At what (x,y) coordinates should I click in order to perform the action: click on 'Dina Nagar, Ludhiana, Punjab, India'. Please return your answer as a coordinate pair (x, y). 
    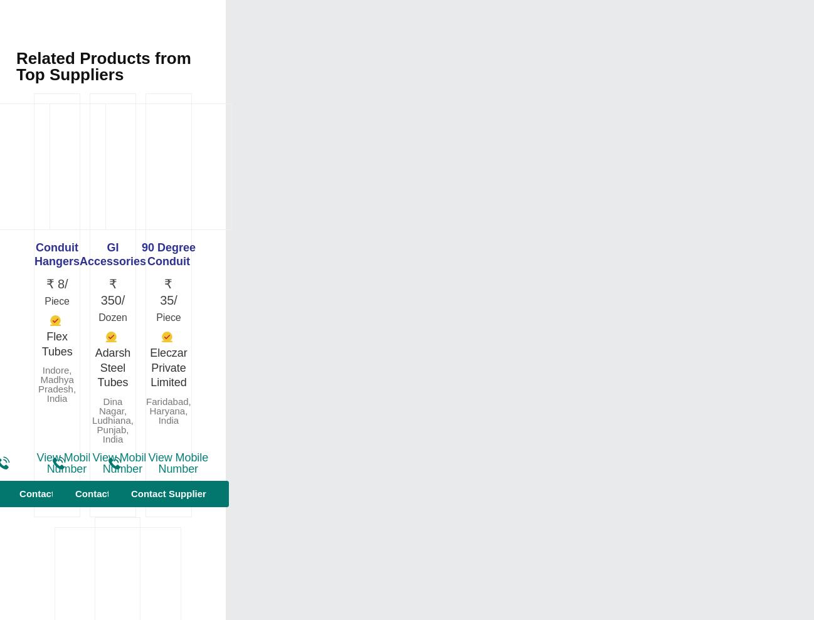
    Looking at the image, I should click on (112, 419).